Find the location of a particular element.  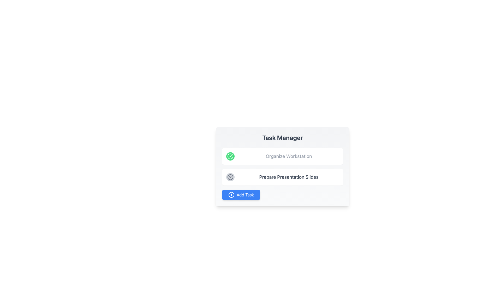

the circular outline icon preceding the 'Organize Workstation' task entry in the Task Manager interface is located at coordinates (230, 156).